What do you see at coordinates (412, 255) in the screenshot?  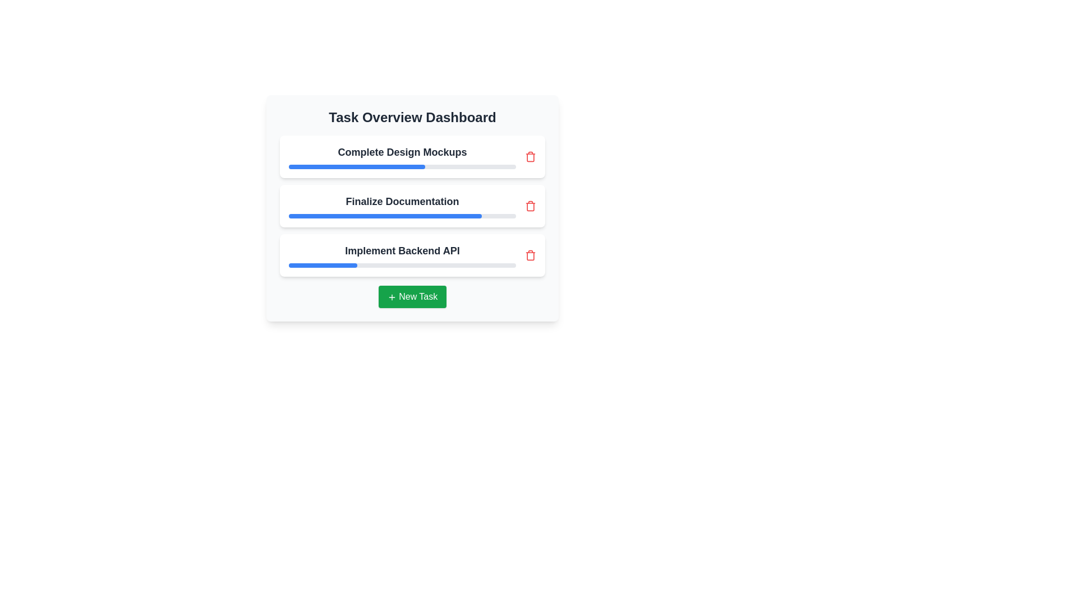 I see `the task titled Implement Backend API to view its details` at bounding box center [412, 255].